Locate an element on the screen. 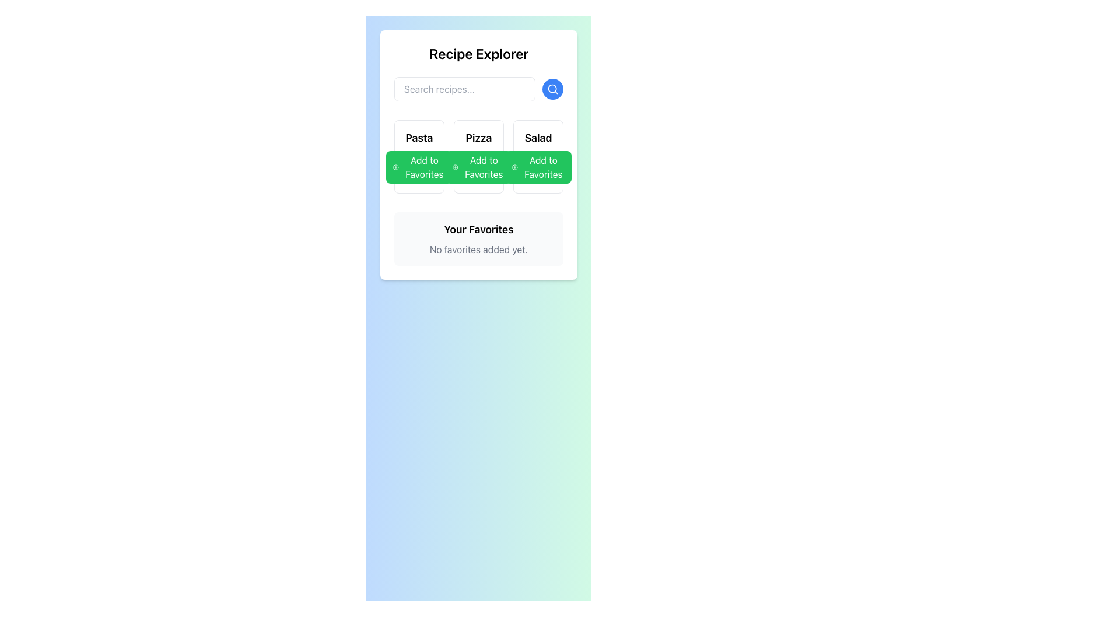 Image resolution: width=1120 pixels, height=630 pixels. the icon representing the action button to add items to a favorites list is located at coordinates (396, 167).